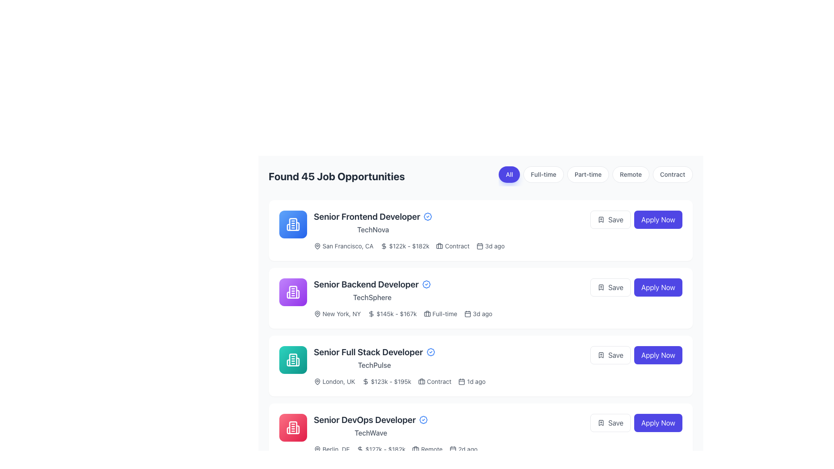 The width and height of the screenshot is (834, 469). Describe the element at coordinates (672, 174) in the screenshot. I see `the 'Contract' button, which is the fifth button in a horizontal set of filter buttons at the top-right corner of the job listing interface` at that location.